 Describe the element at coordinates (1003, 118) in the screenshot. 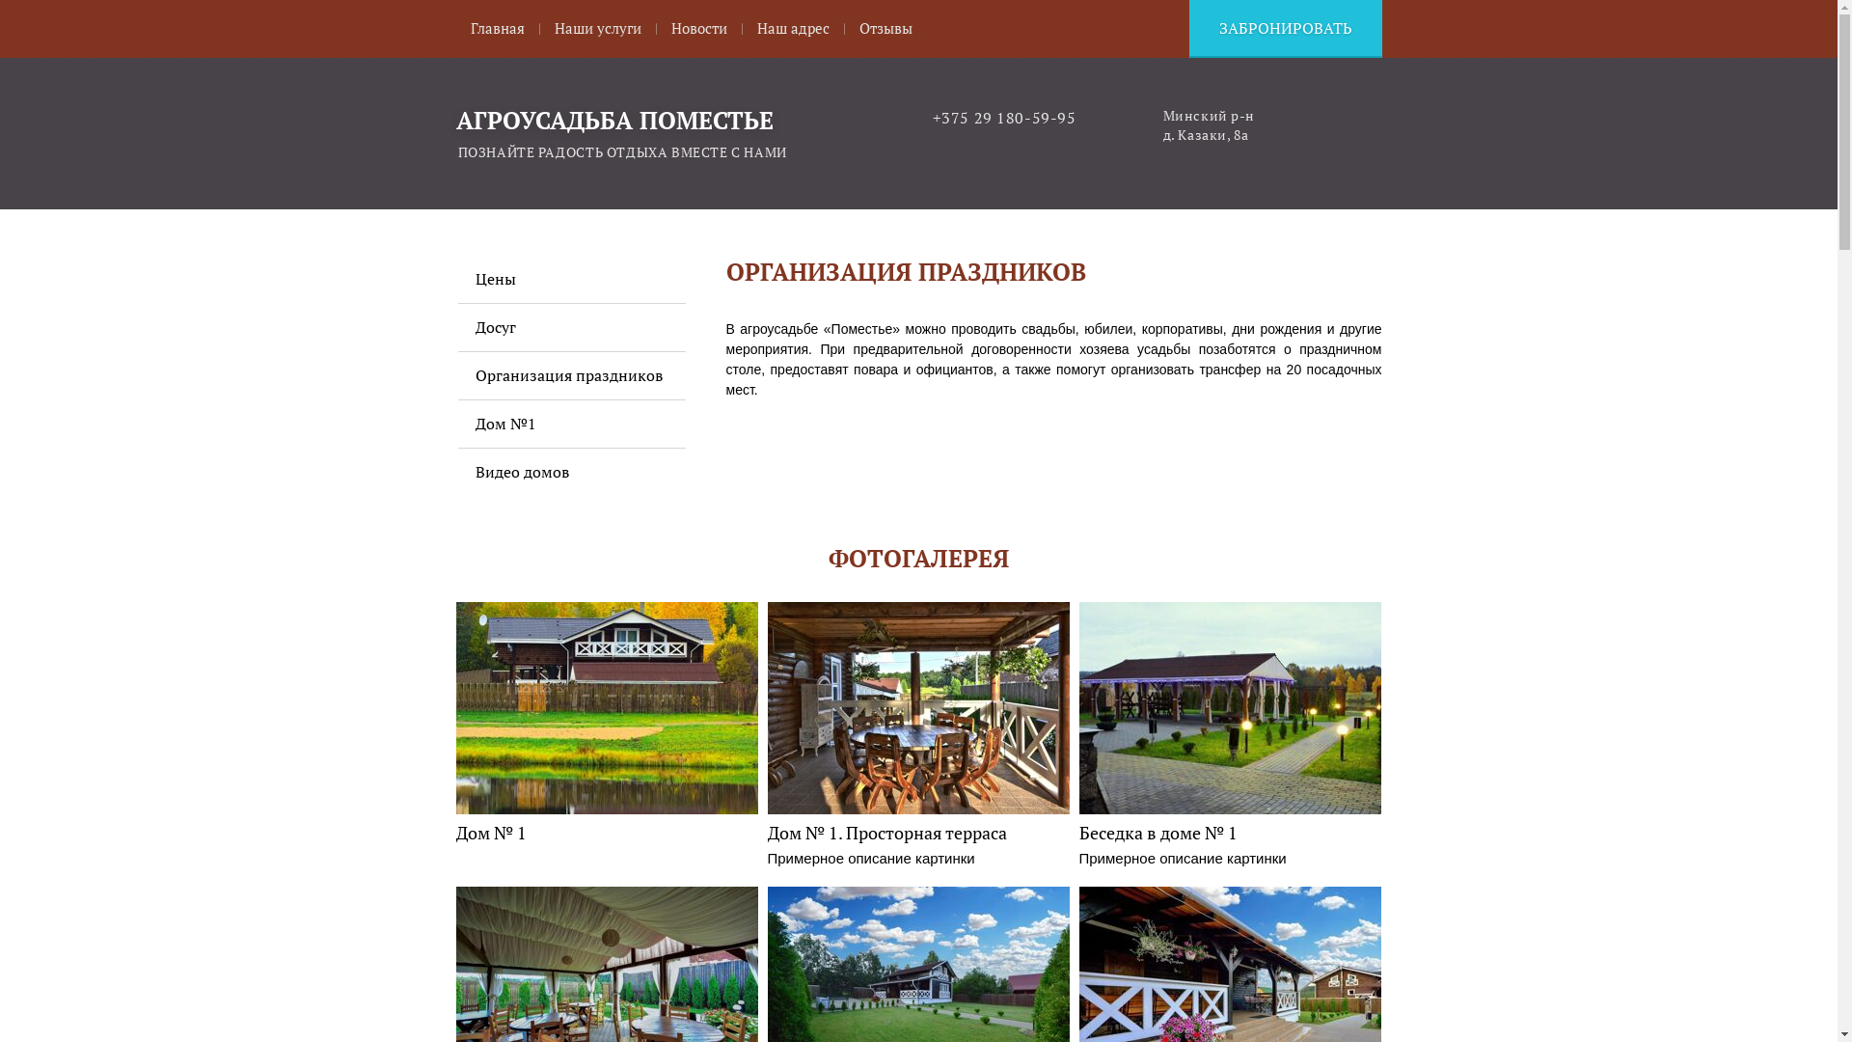

I see `'+375 29 180-59-95'` at that location.